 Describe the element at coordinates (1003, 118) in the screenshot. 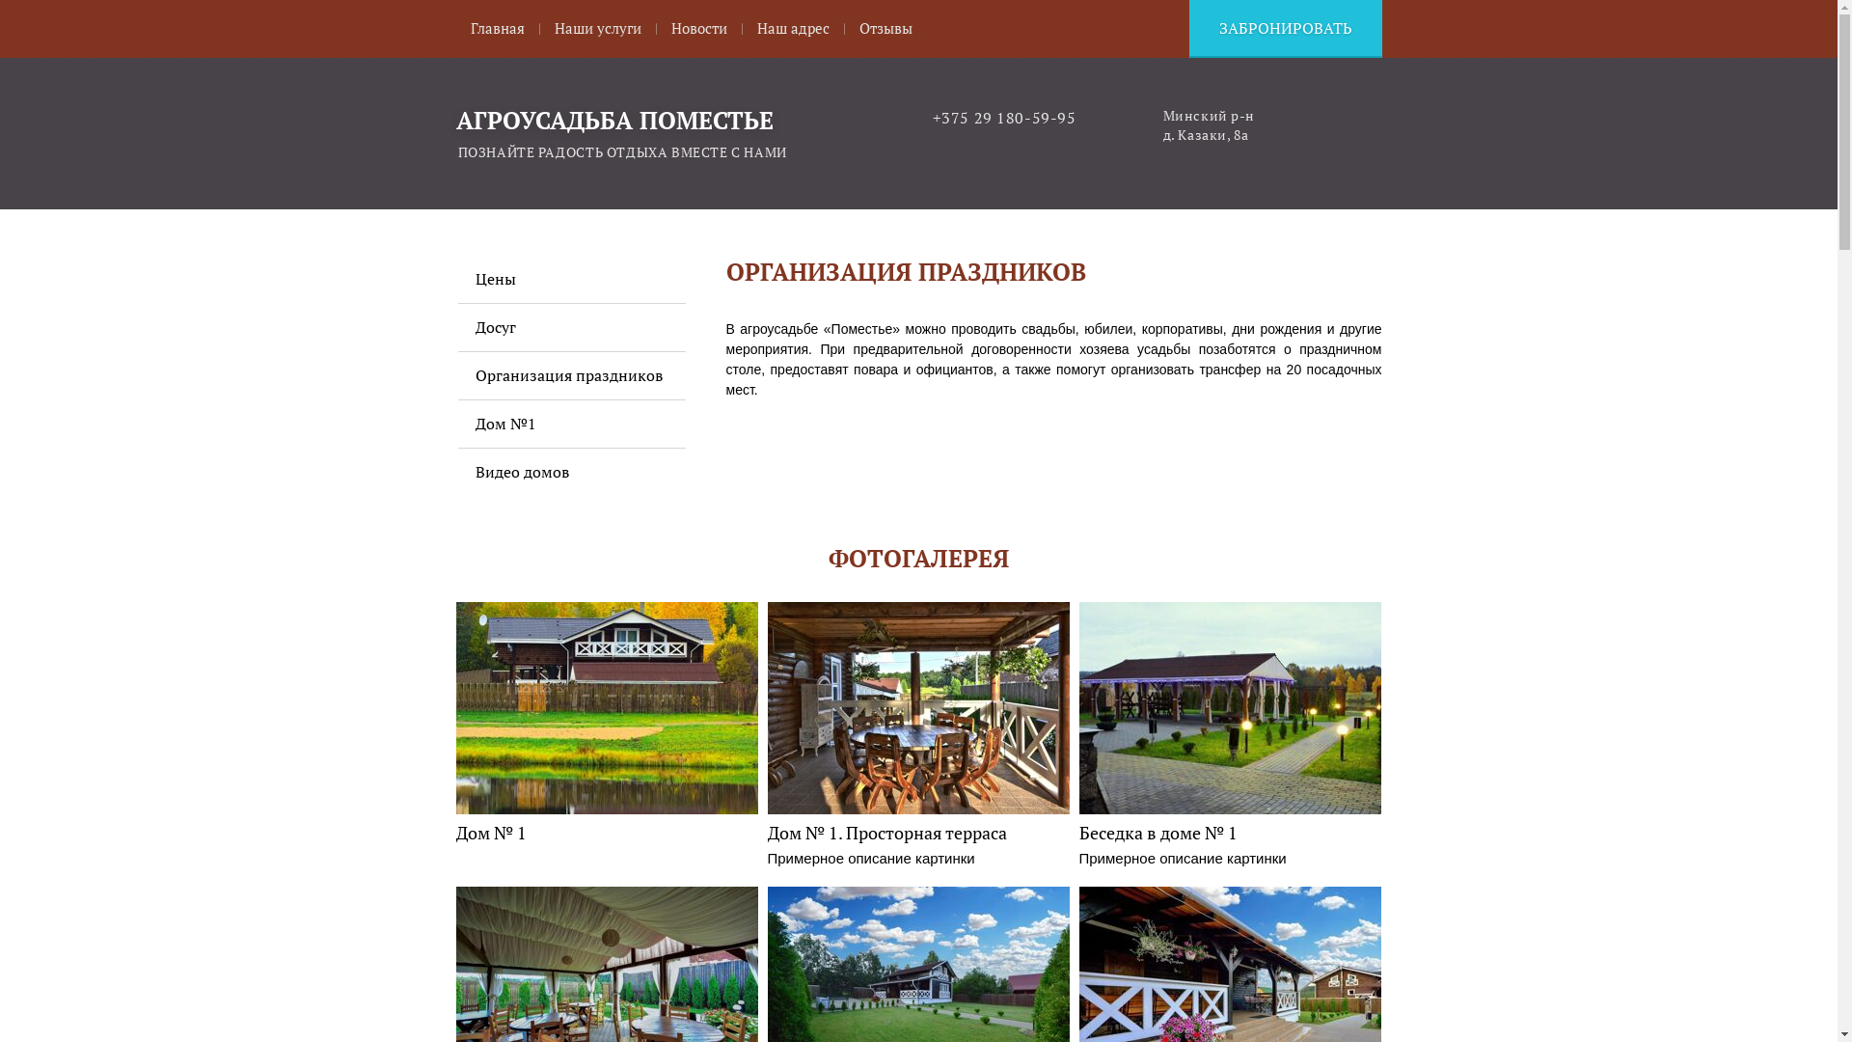

I see `'+375 29 180-59-95'` at that location.